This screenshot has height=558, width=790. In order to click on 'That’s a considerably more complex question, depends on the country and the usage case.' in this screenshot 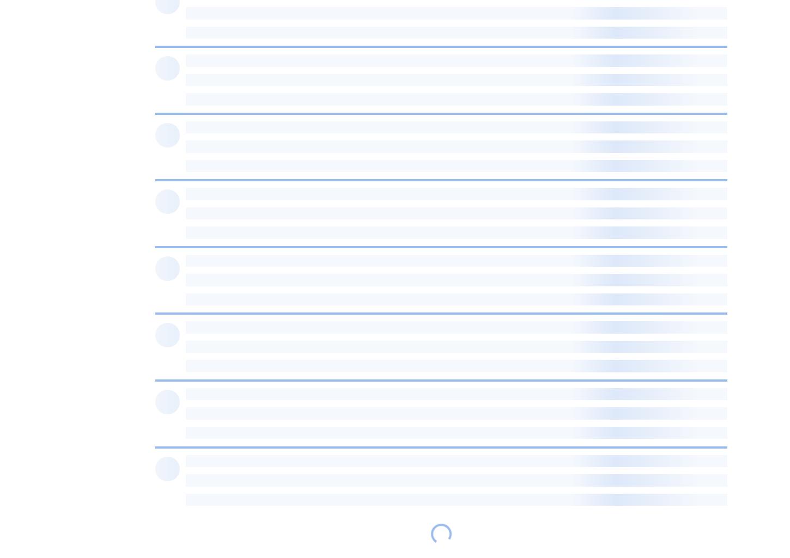, I will do `click(353, 450)`.